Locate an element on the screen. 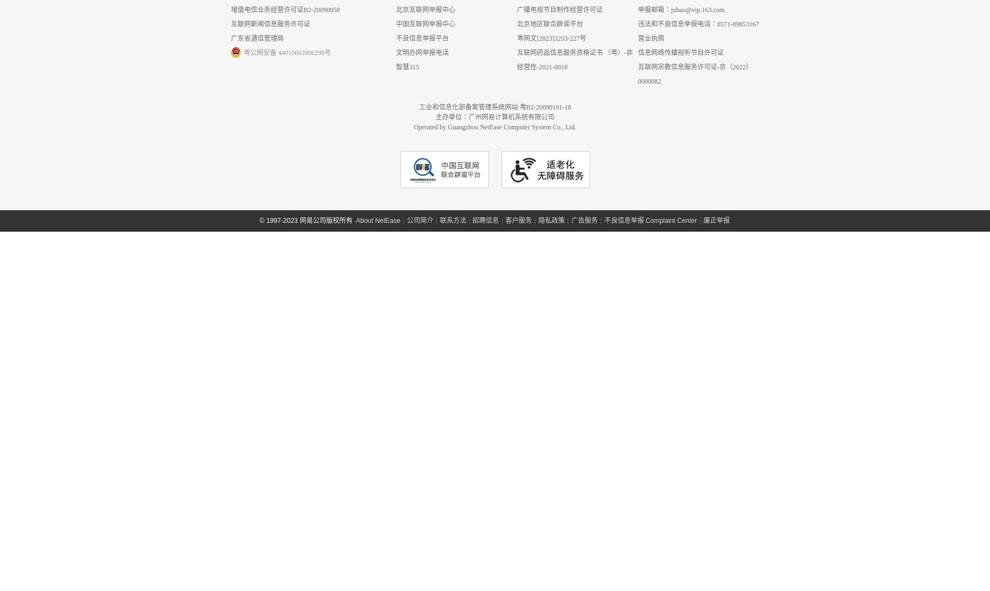 The width and height of the screenshot is (990, 591). '<' is located at coordinates (123, 201).